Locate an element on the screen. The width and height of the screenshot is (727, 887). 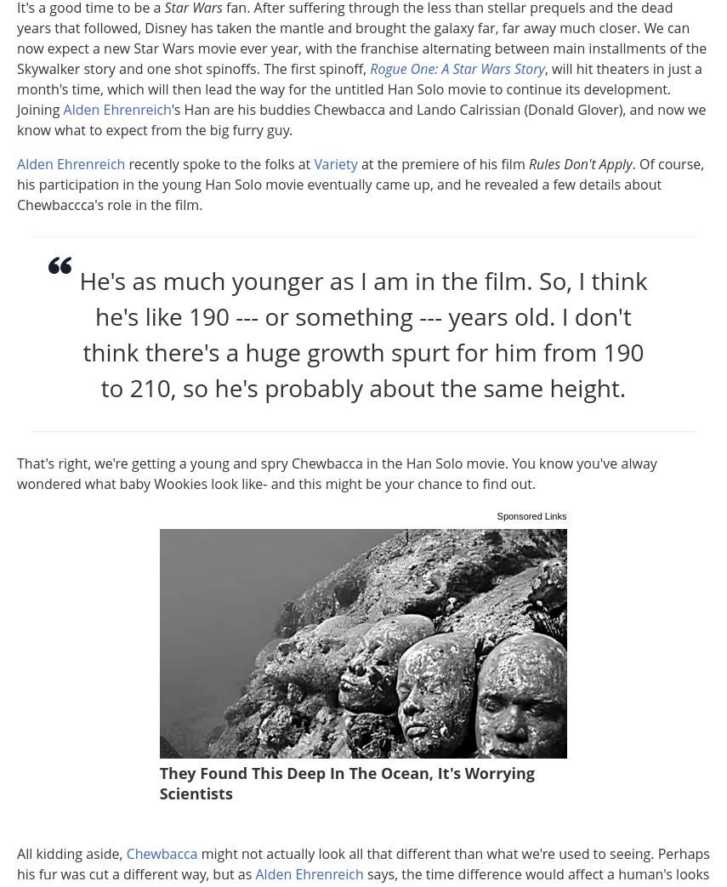
'All kidding aside,' is located at coordinates (71, 853).